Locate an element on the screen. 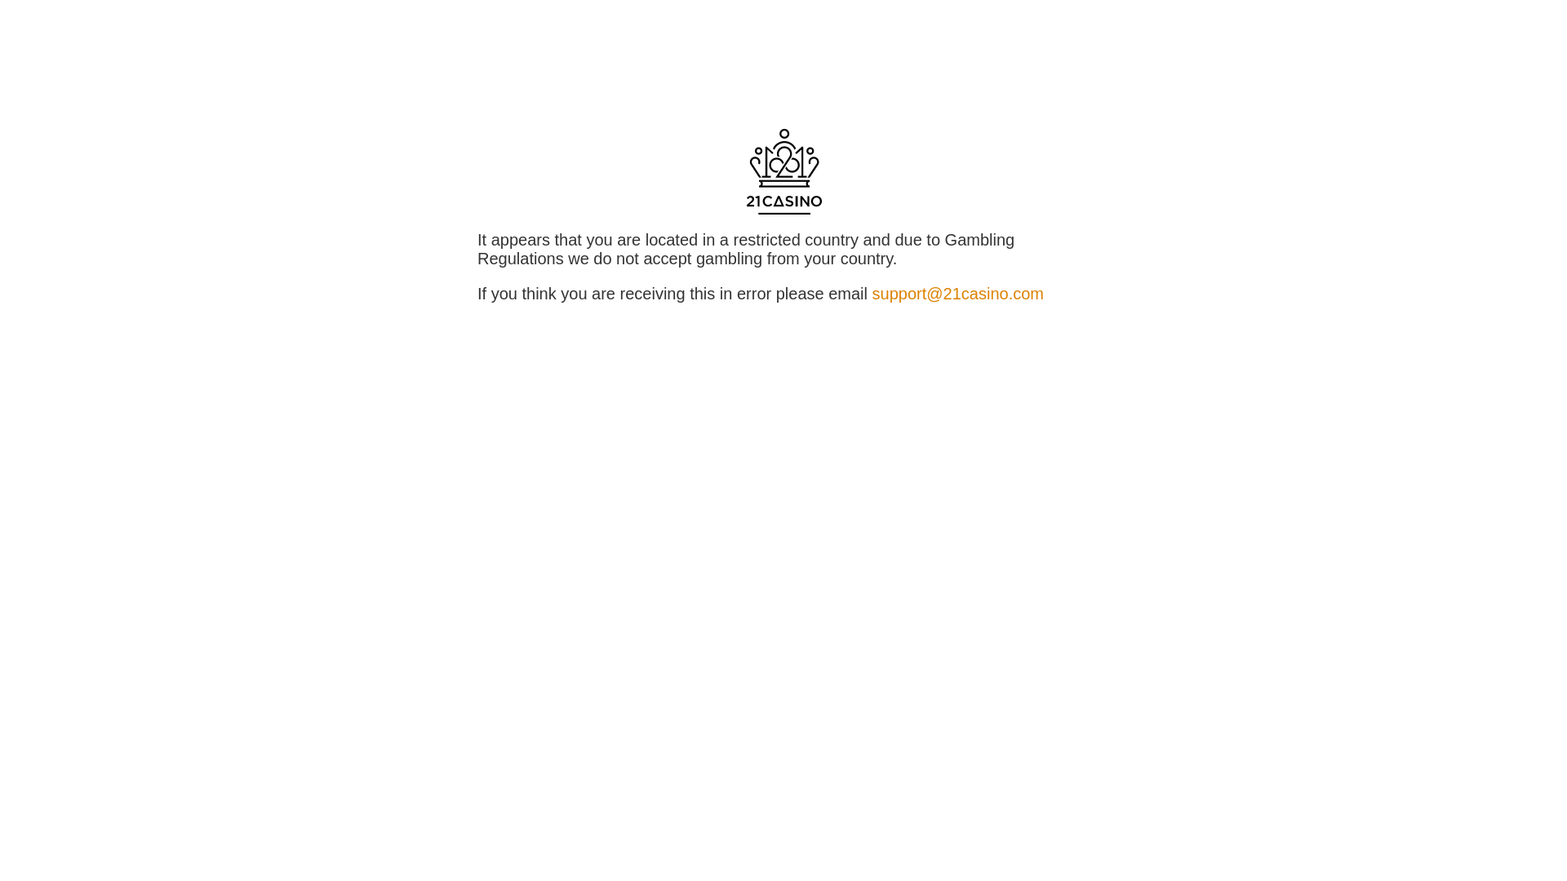 The height and width of the screenshot is (881, 1567). 'support@21casino.com' is located at coordinates (958, 292).